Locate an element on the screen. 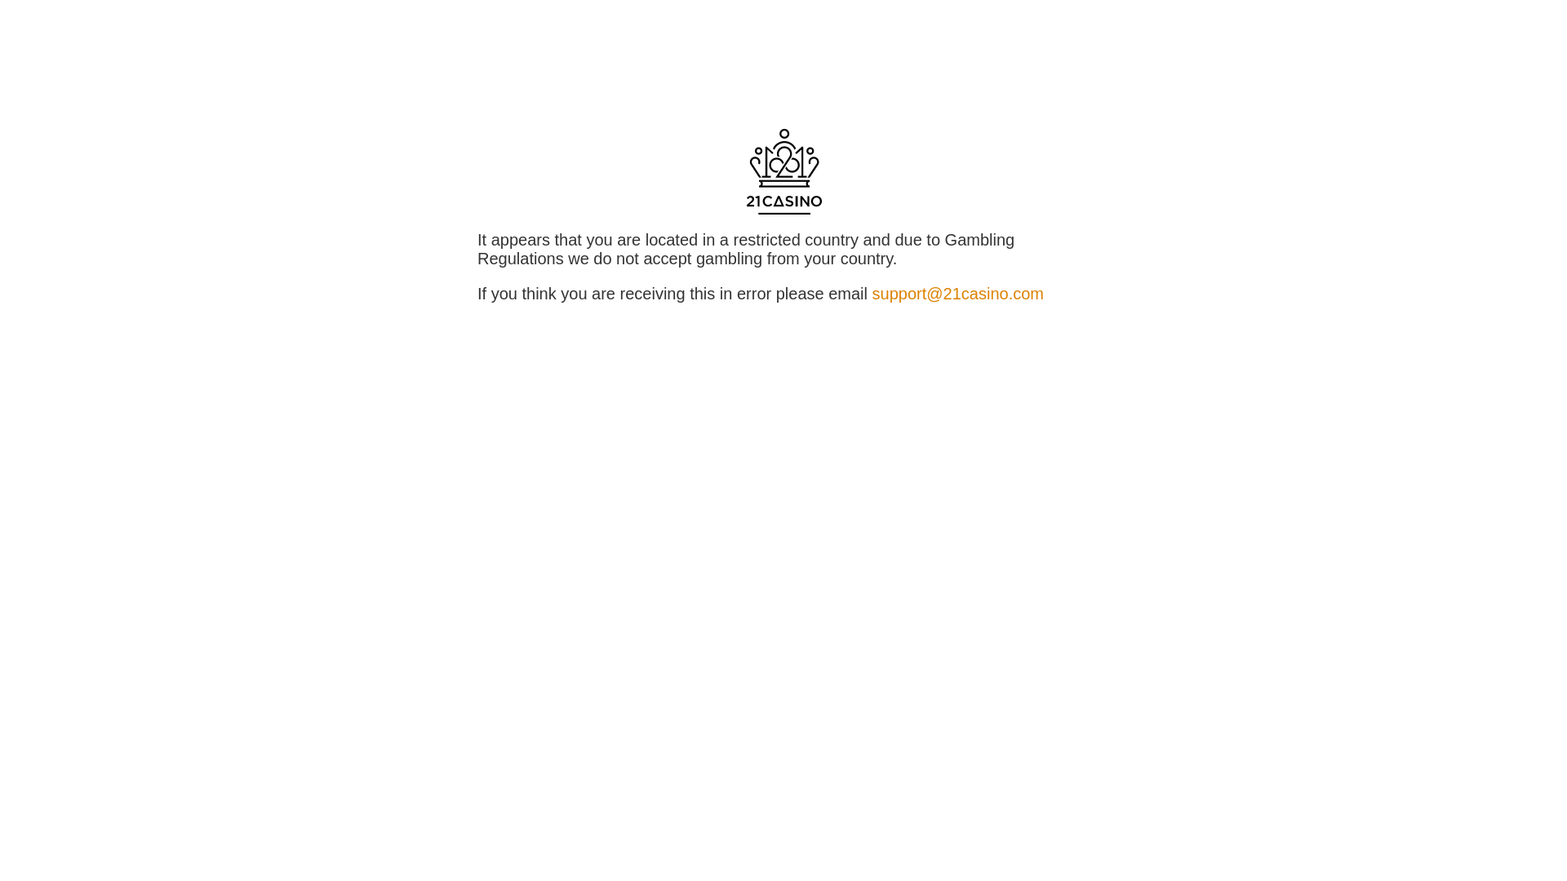 The height and width of the screenshot is (881, 1567). 'support@21casino.com' is located at coordinates (958, 292).